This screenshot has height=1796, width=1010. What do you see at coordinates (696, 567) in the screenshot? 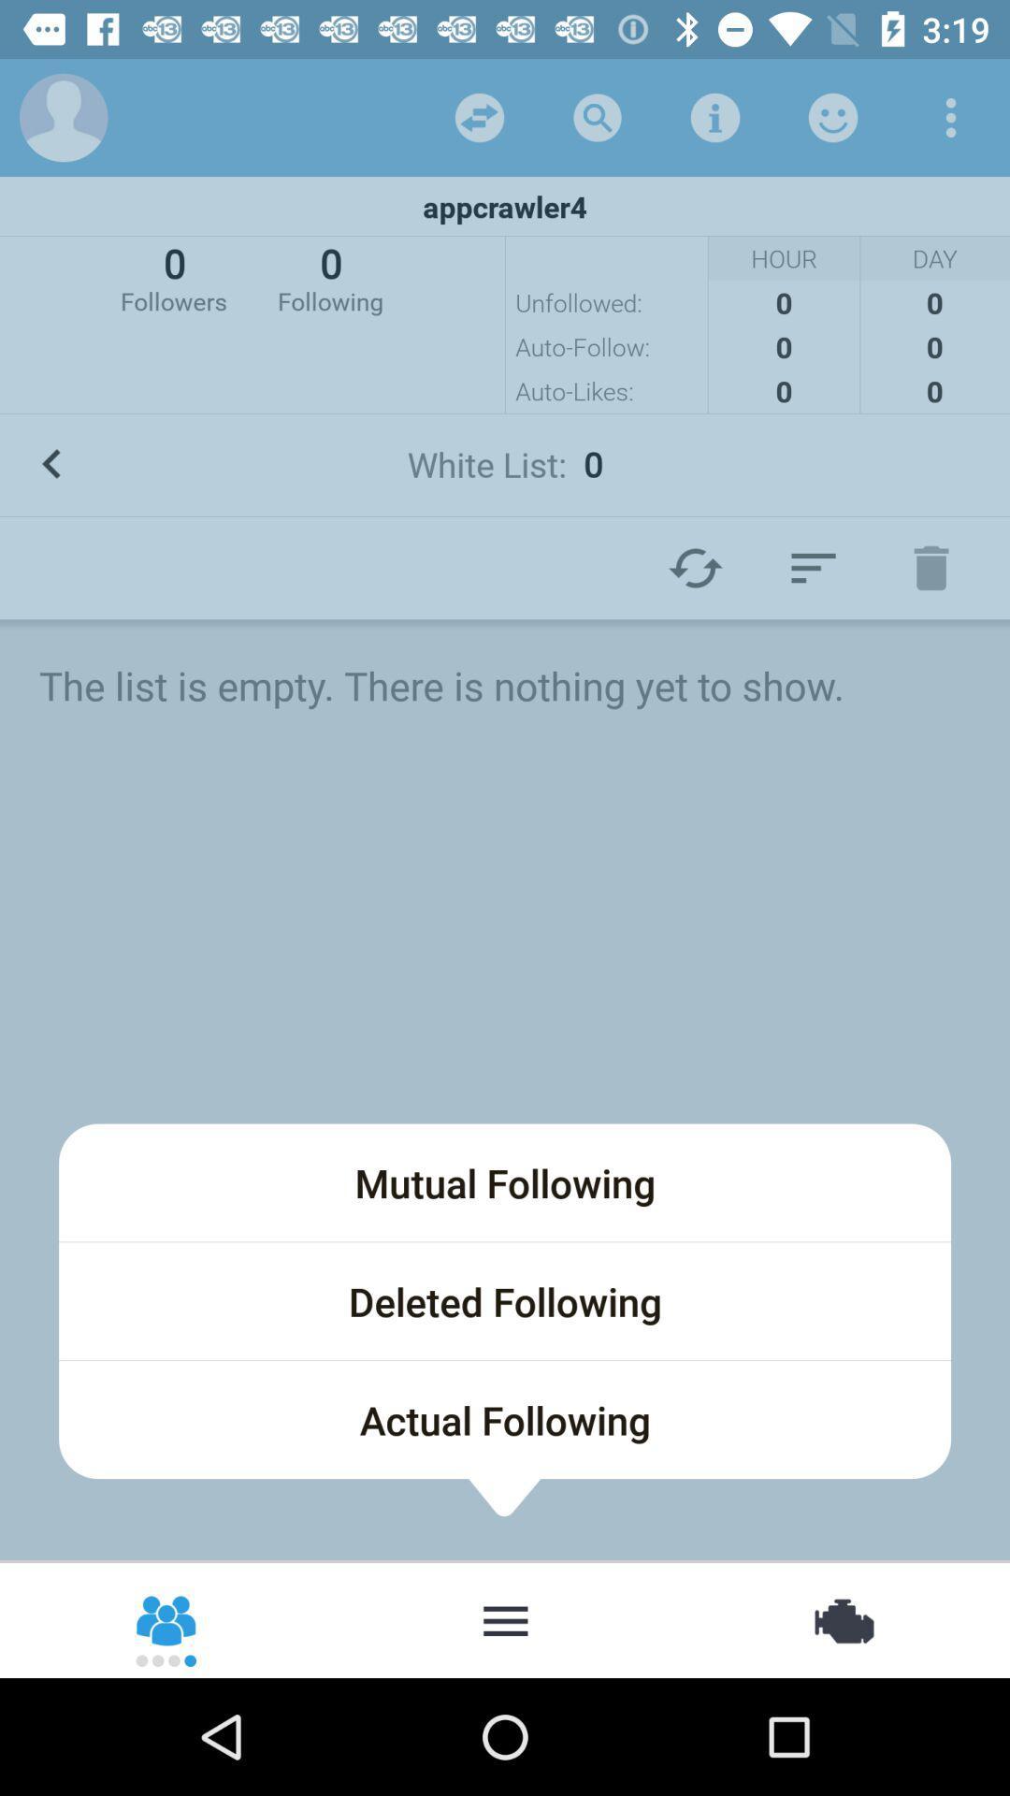
I see `the refresh icon` at bounding box center [696, 567].